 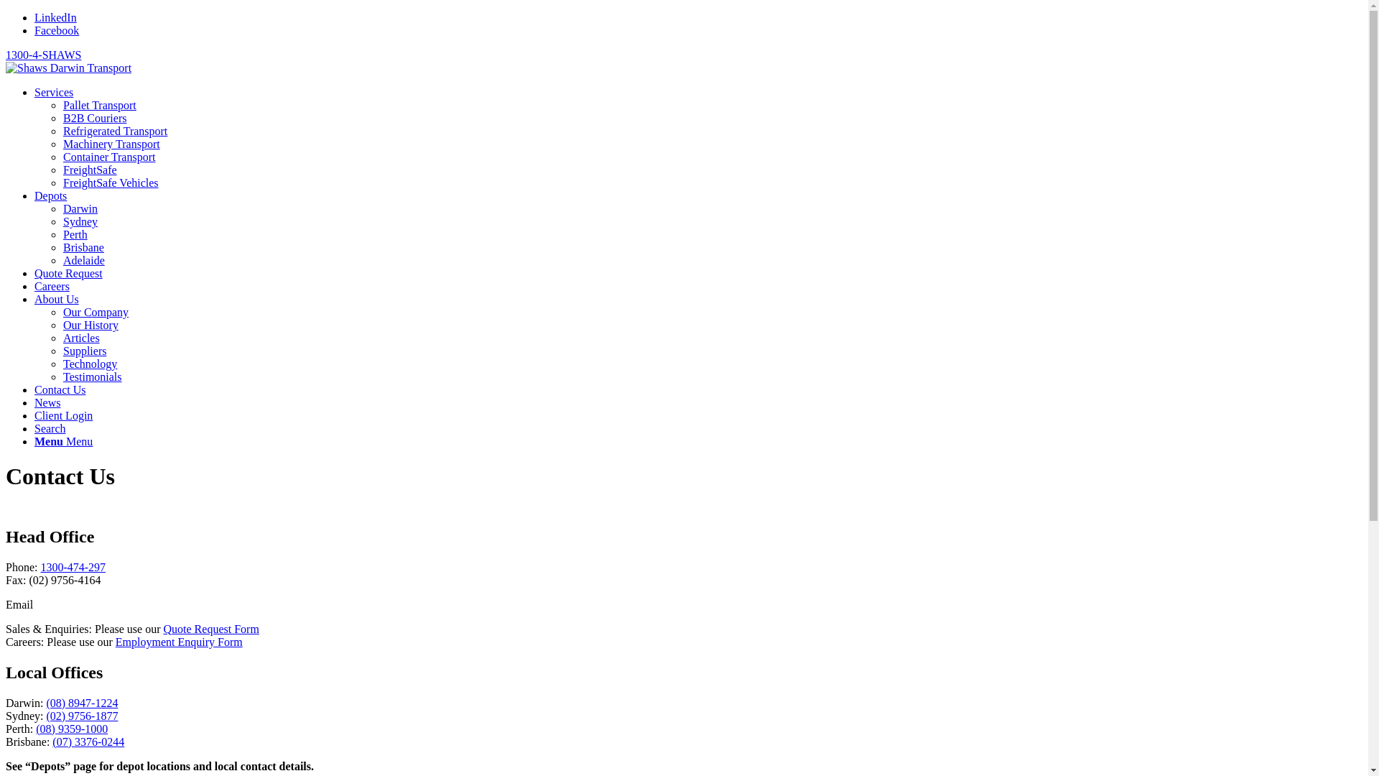 I want to click on '1300-474-297', so click(x=40, y=566).